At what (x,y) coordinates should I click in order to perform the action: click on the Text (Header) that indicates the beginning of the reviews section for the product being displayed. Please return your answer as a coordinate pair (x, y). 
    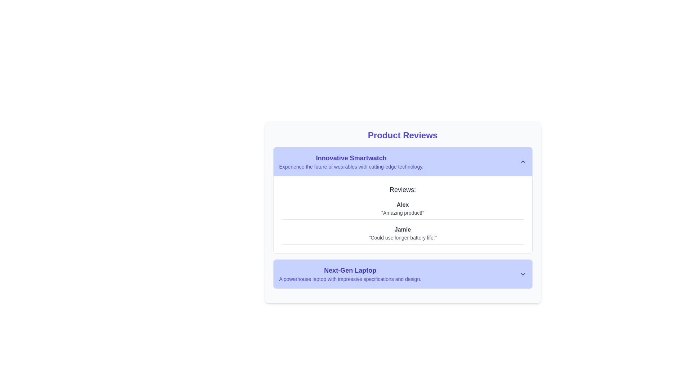
    Looking at the image, I should click on (402, 189).